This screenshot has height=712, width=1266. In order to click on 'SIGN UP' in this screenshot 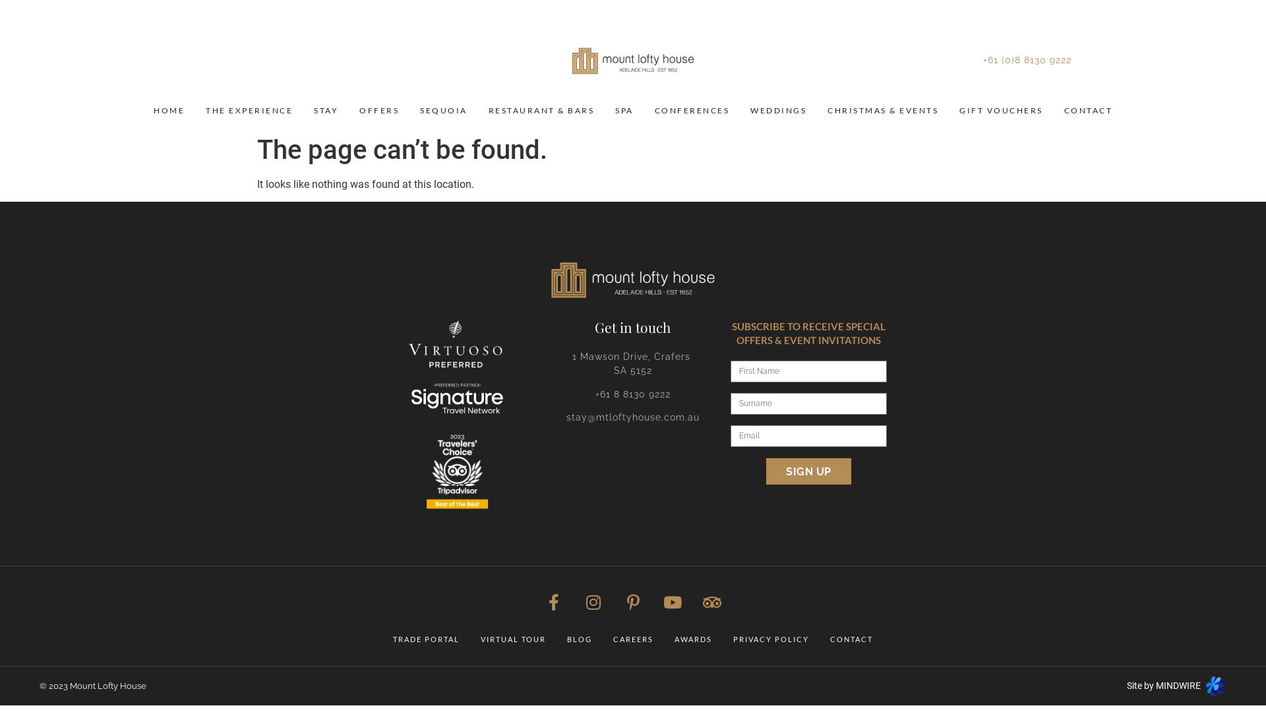, I will do `click(808, 470)`.